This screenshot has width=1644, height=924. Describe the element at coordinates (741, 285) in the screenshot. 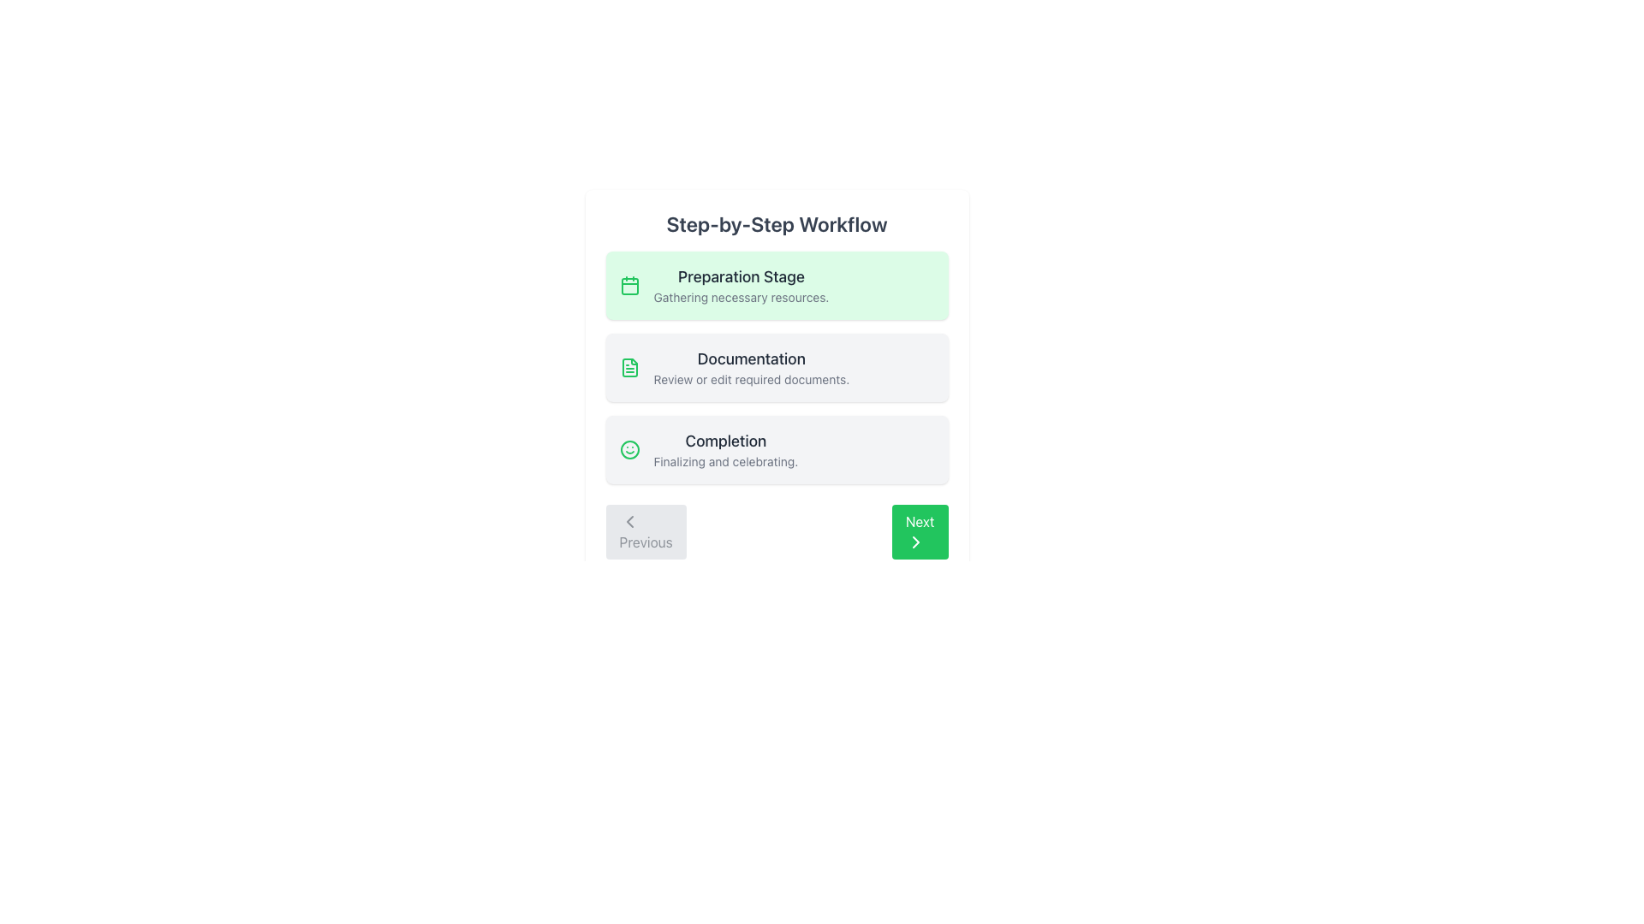

I see `information contained in the text block titled 'Preparation Stage' with the description 'Gathering necessary resources.' This text block is styled with a bold, large title and a smaller, lighter description, positioned within a light green rectangular background` at that location.